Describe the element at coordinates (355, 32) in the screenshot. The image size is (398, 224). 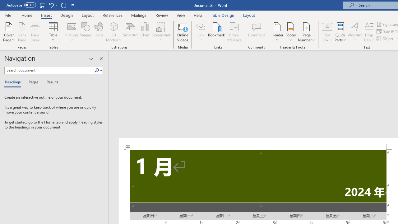
I see `'WordArt'` at that location.